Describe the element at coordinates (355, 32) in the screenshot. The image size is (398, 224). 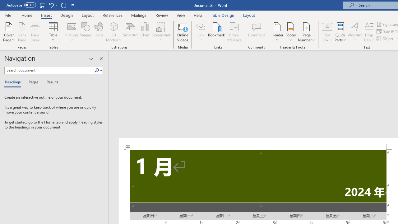
I see `'WordArt'` at that location.